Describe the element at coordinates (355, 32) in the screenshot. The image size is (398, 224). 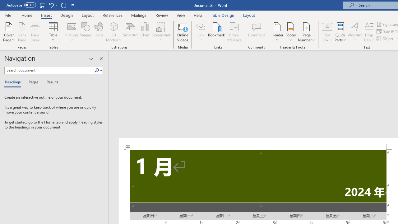
I see `'WordArt'` at that location.